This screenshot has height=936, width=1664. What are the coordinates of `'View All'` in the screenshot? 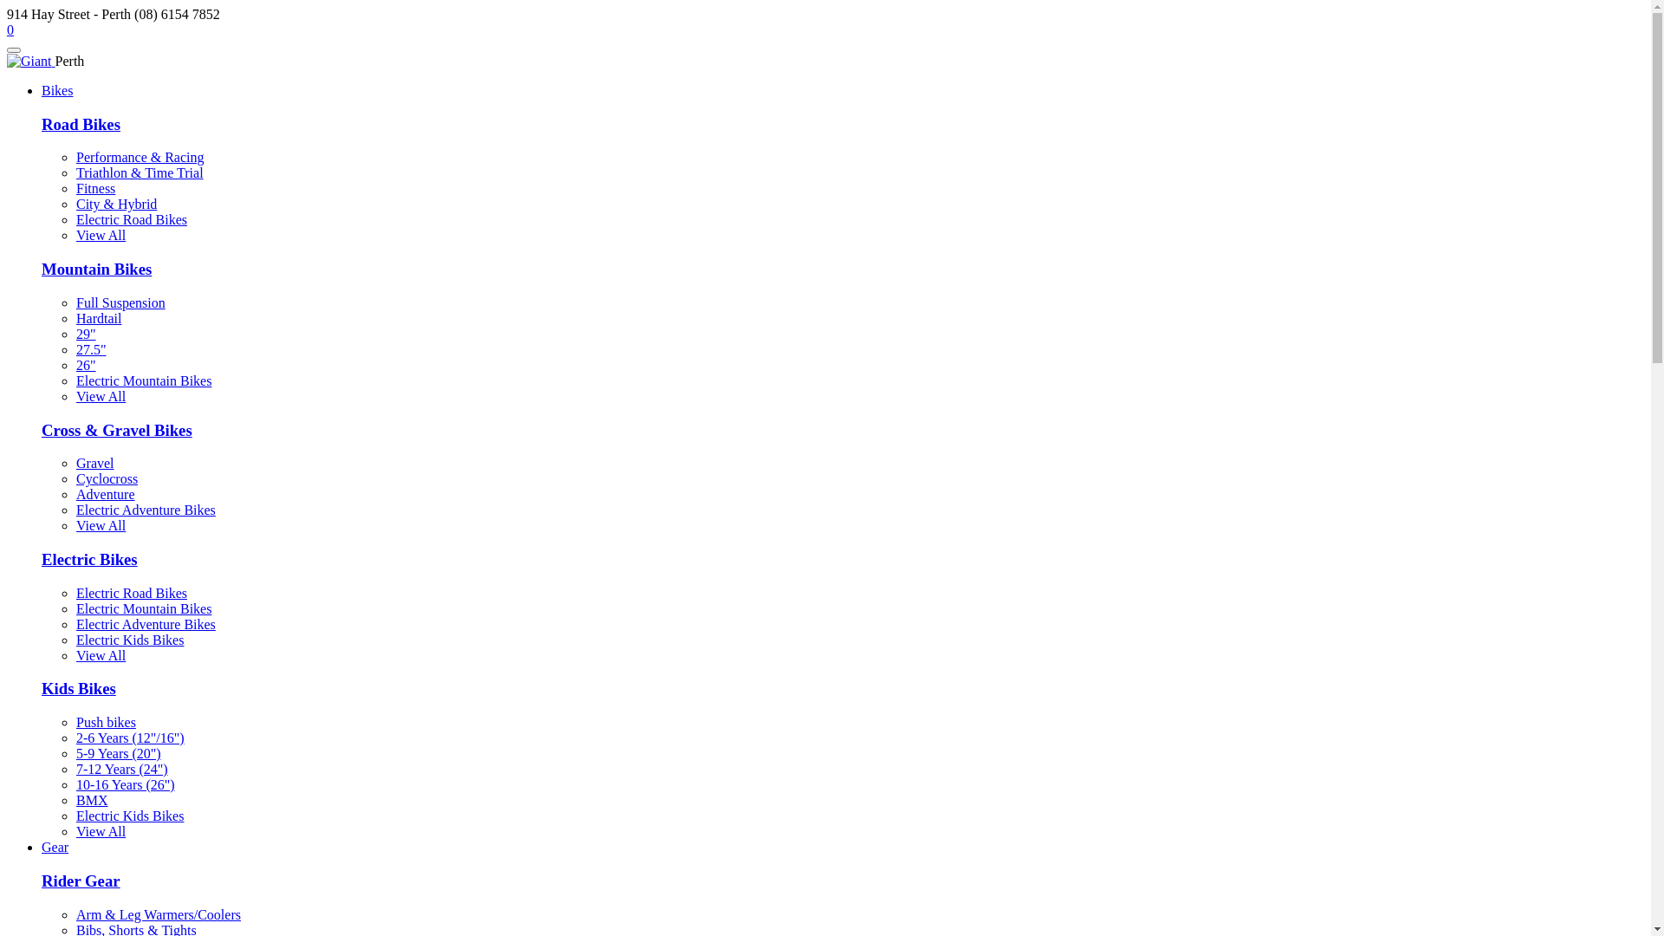 It's located at (100, 396).